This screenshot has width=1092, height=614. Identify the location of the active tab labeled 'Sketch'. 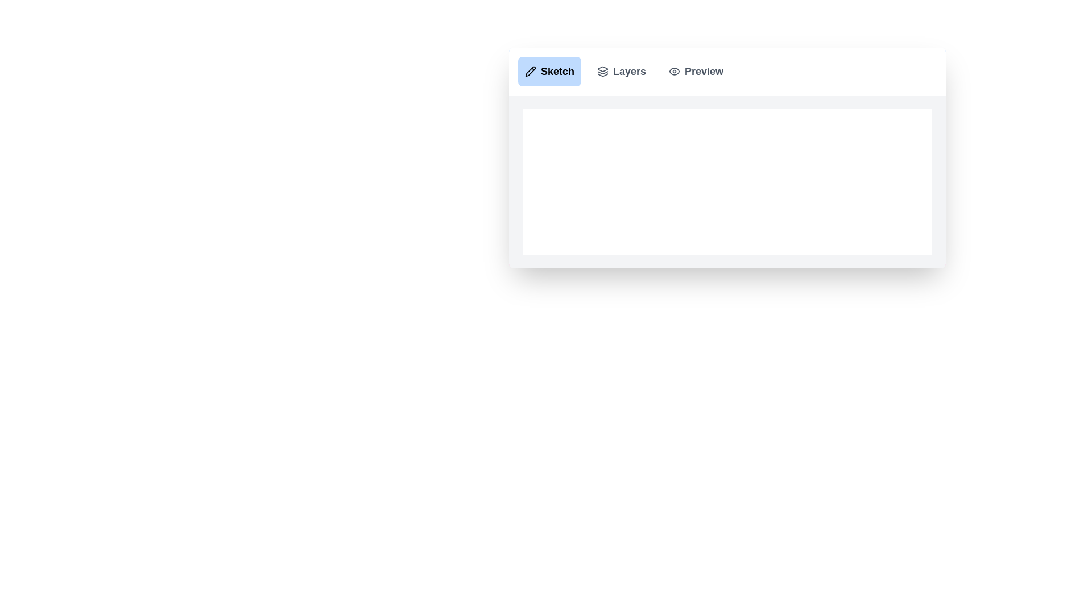
(549, 72).